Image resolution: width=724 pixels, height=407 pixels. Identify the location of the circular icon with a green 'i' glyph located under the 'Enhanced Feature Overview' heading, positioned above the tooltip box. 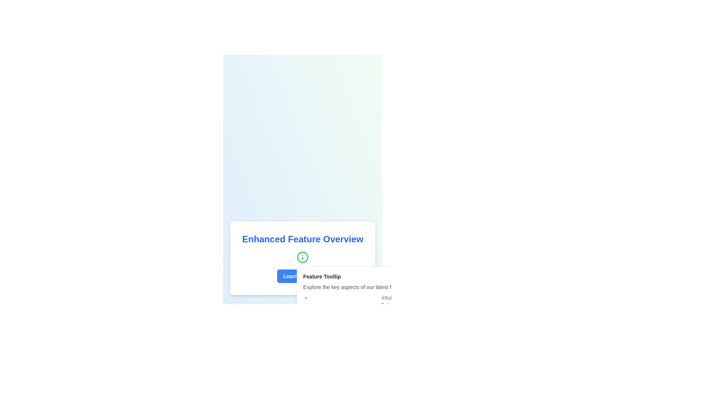
(302, 257).